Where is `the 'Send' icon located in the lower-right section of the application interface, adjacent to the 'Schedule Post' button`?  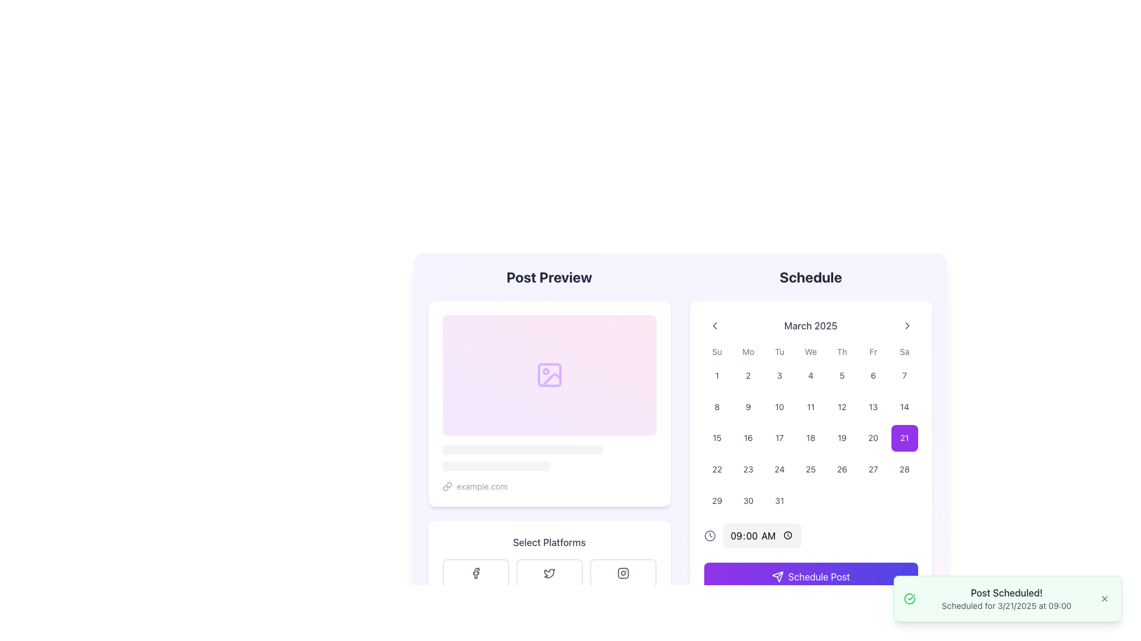 the 'Send' icon located in the lower-right section of the application interface, adjacent to the 'Schedule Post' button is located at coordinates (777, 576).